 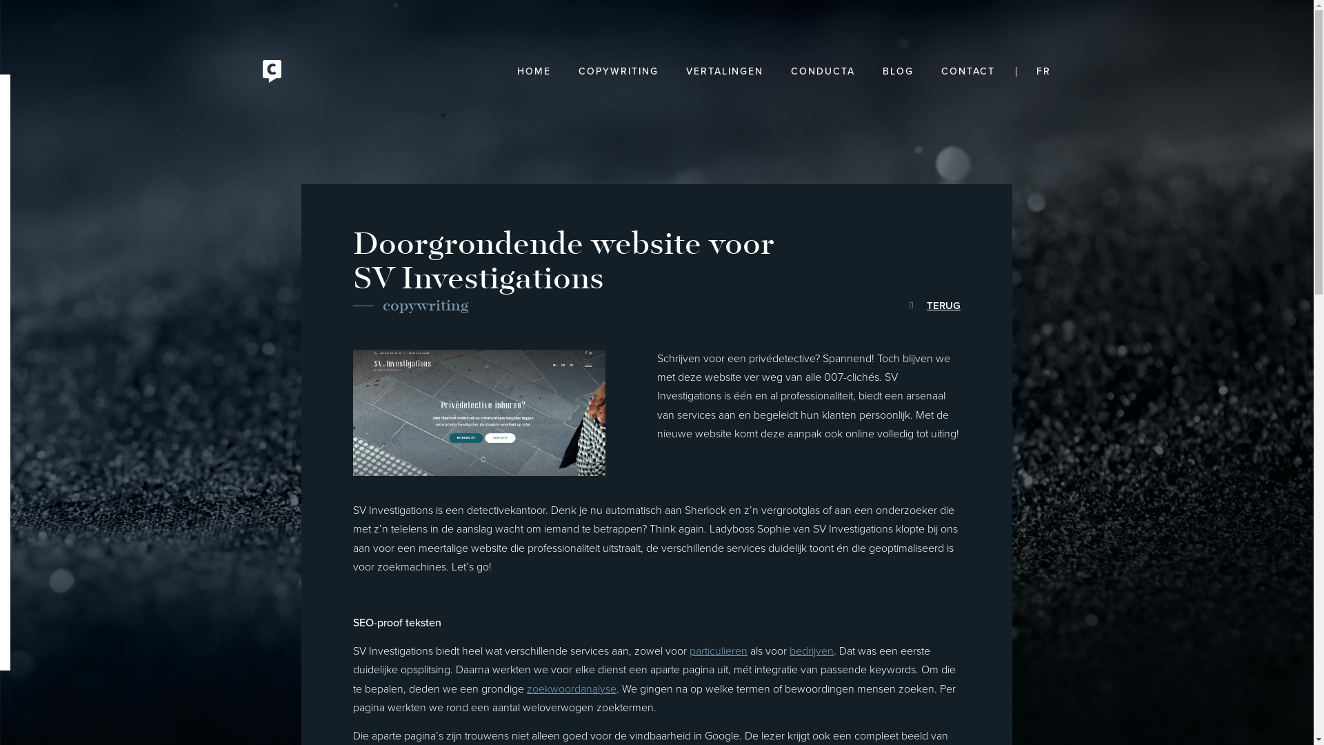 I want to click on 'FR', so click(x=1009, y=71).